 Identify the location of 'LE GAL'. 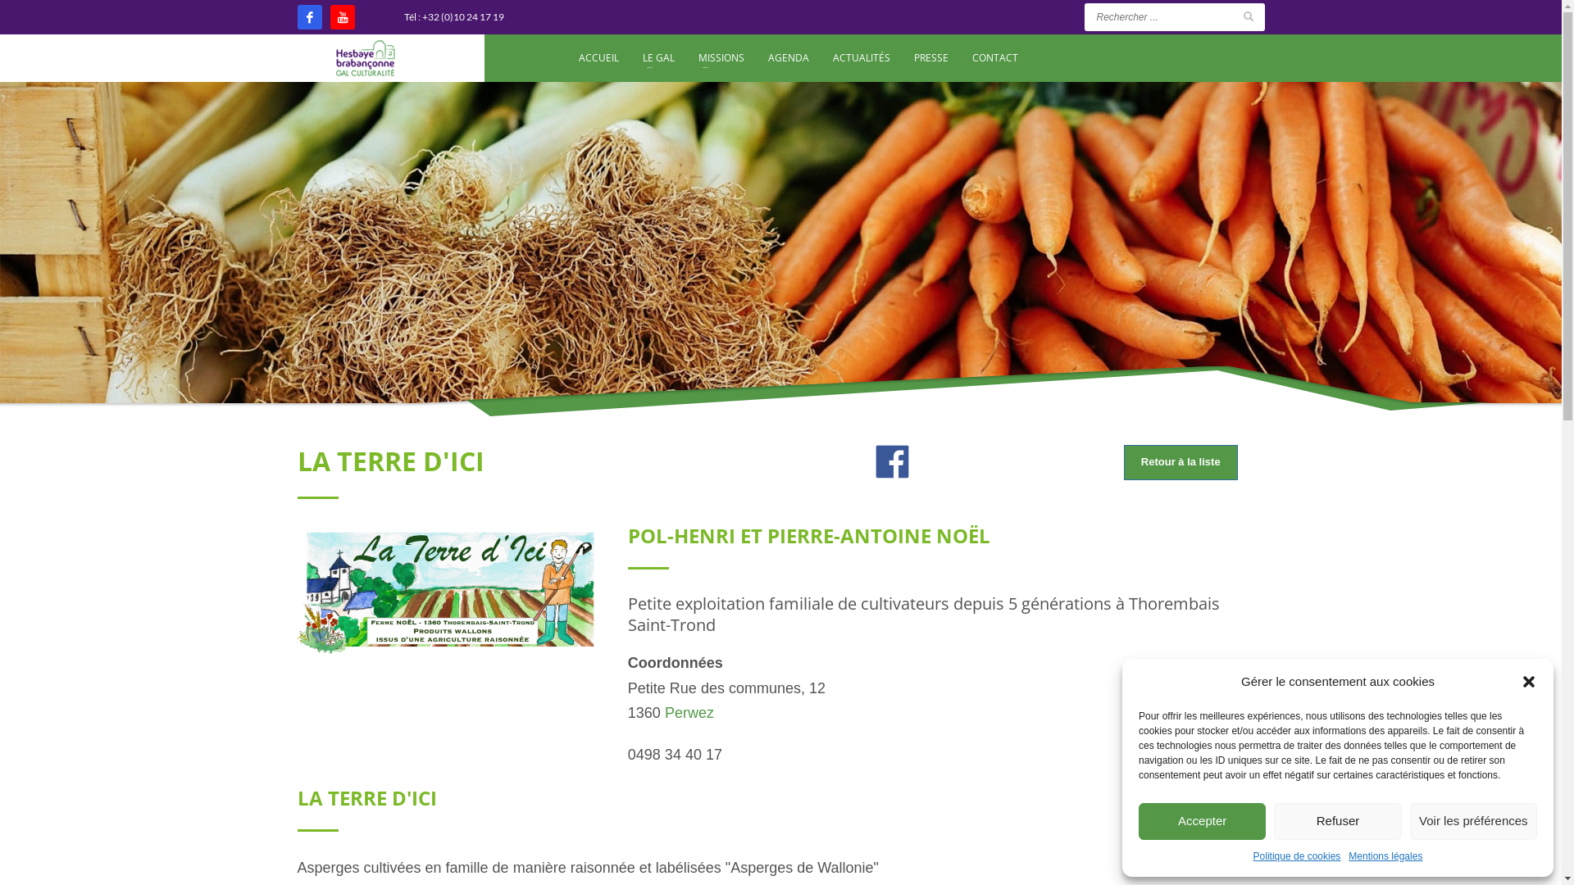
(632, 57).